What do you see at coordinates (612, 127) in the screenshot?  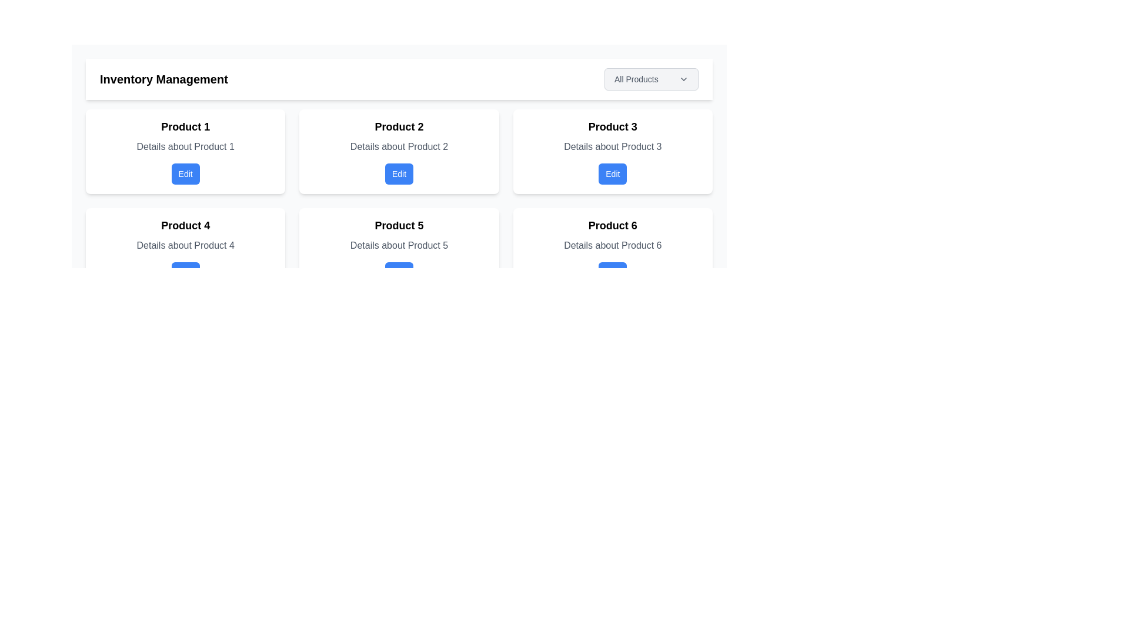 I see `text label for 'Product 3' located at the top of the product card in the second row and third column of the inventory management grid` at bounding box center [612, 127].